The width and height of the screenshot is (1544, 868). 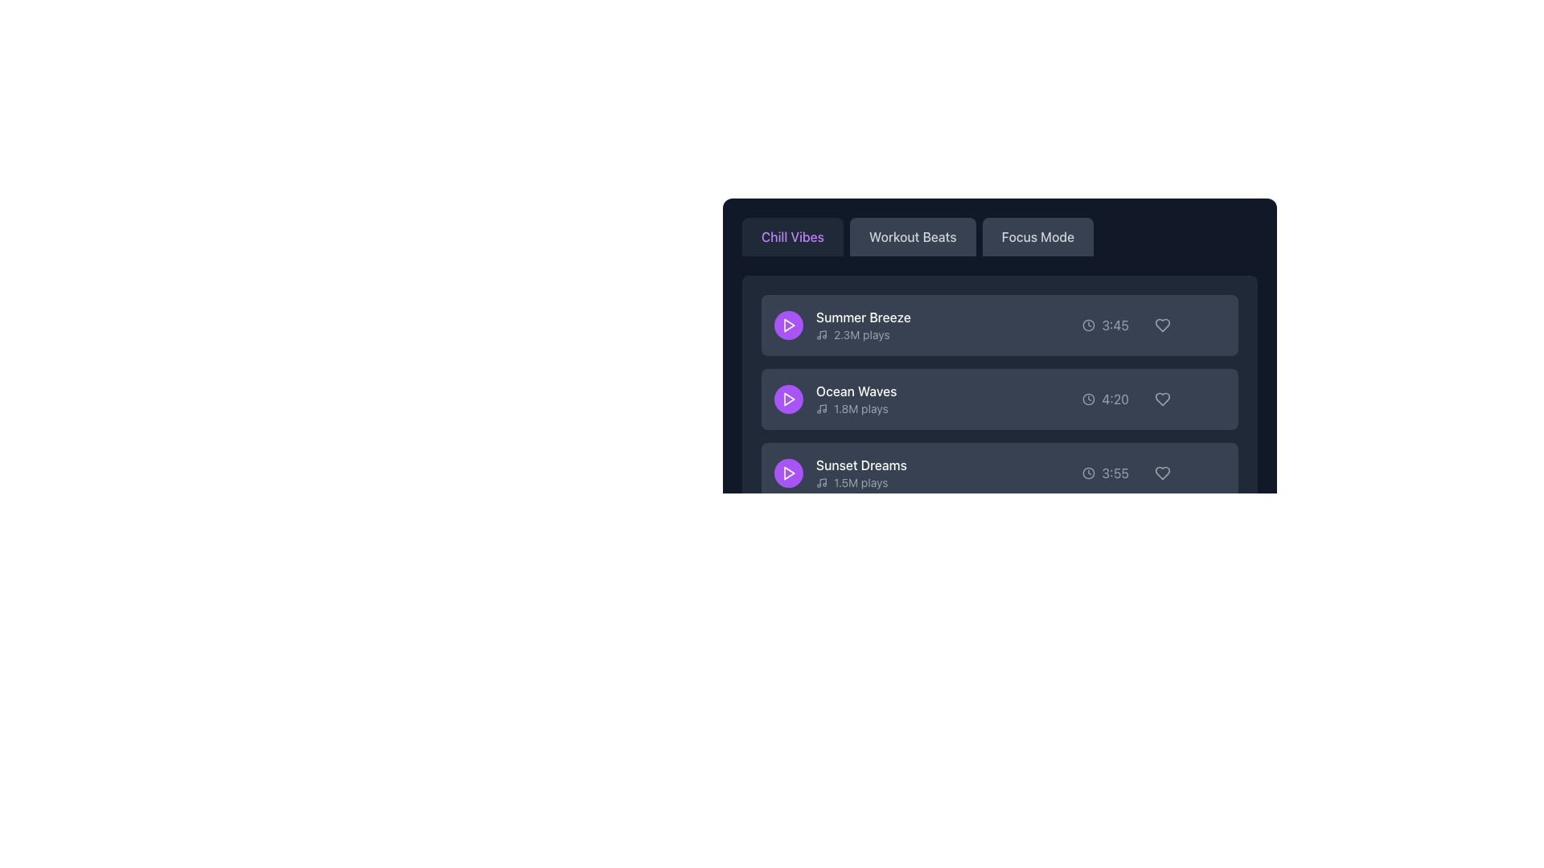 What do you see at coordinates (999, 236) in the screenshot?
I see `the 'Focus Mode' tab, which is the third tab from the left with a lighter gray background and white text, for visual feedback` at bounding box center [999, 236].